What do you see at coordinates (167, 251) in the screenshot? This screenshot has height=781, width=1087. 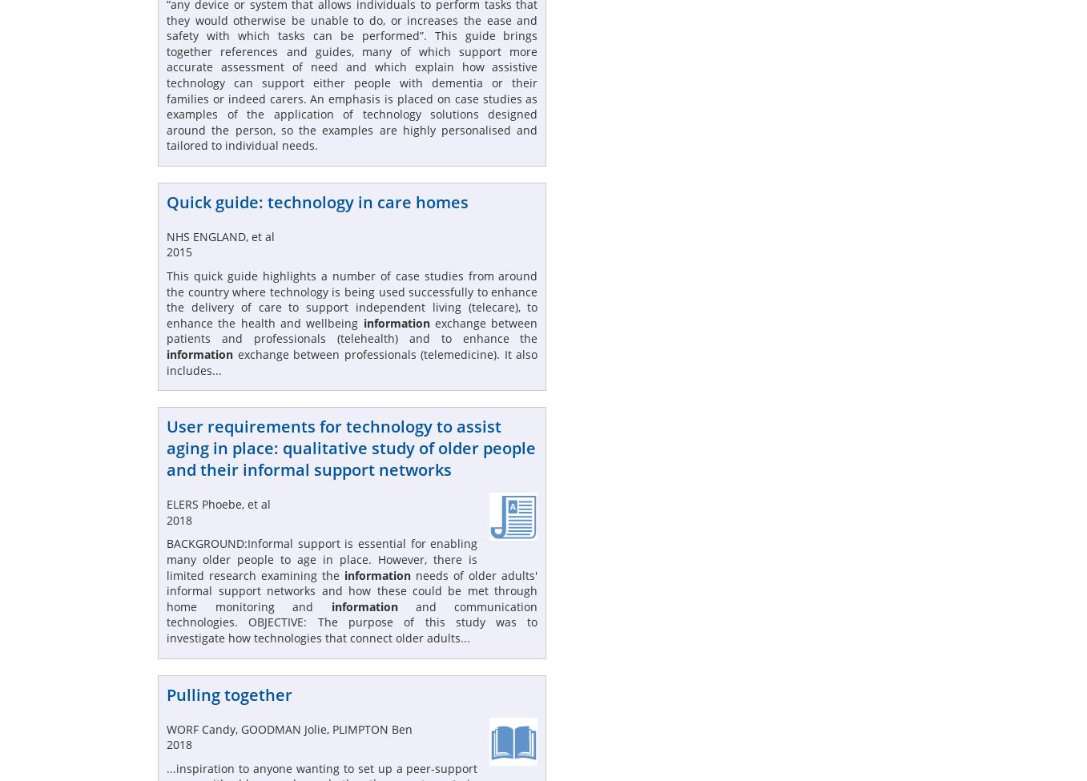 I see `'2015'` at bounding box center [167, 251].